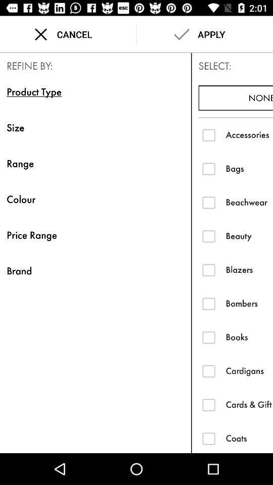 This screenshot has height=485, width=273. Describe the element at coordinates (208, 438) in the screenshot. I see `mark checkbox` at that location.